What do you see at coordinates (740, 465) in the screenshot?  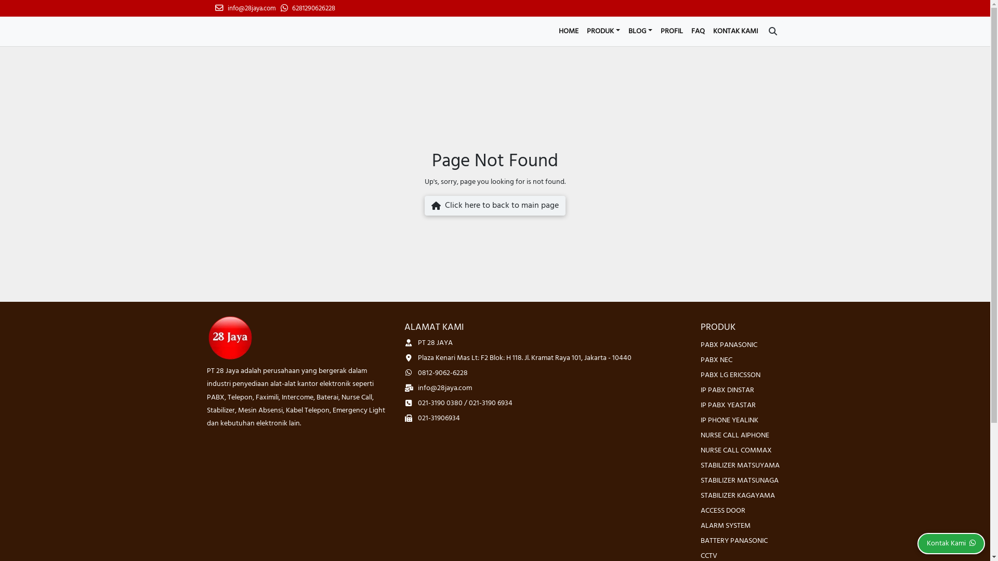 I see `'STABILIZER MATSUYAMA'` at bounding box center [740, 465].